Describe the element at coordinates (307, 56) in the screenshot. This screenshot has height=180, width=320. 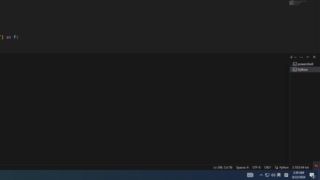
I see `'Maximize Panel Size'` at that location.